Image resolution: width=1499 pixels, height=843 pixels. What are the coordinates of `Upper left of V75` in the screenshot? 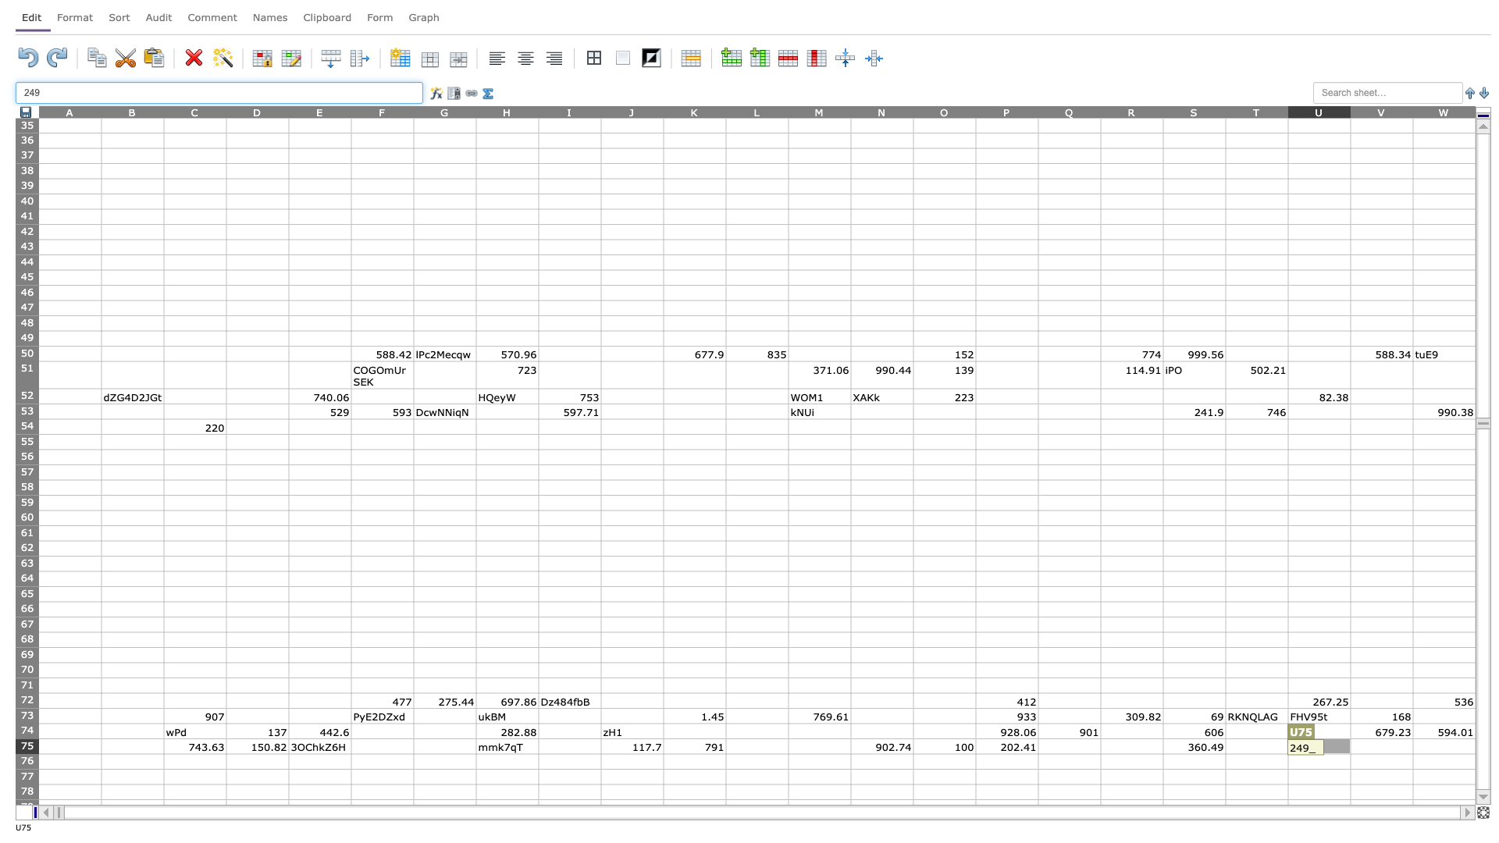 It's located at (1349, 738).